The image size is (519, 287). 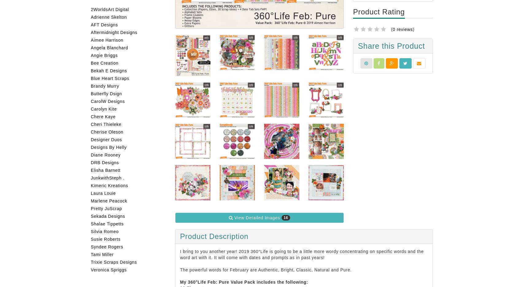 I want to click on 'Sekada Designs', so click(x=107, y=216).